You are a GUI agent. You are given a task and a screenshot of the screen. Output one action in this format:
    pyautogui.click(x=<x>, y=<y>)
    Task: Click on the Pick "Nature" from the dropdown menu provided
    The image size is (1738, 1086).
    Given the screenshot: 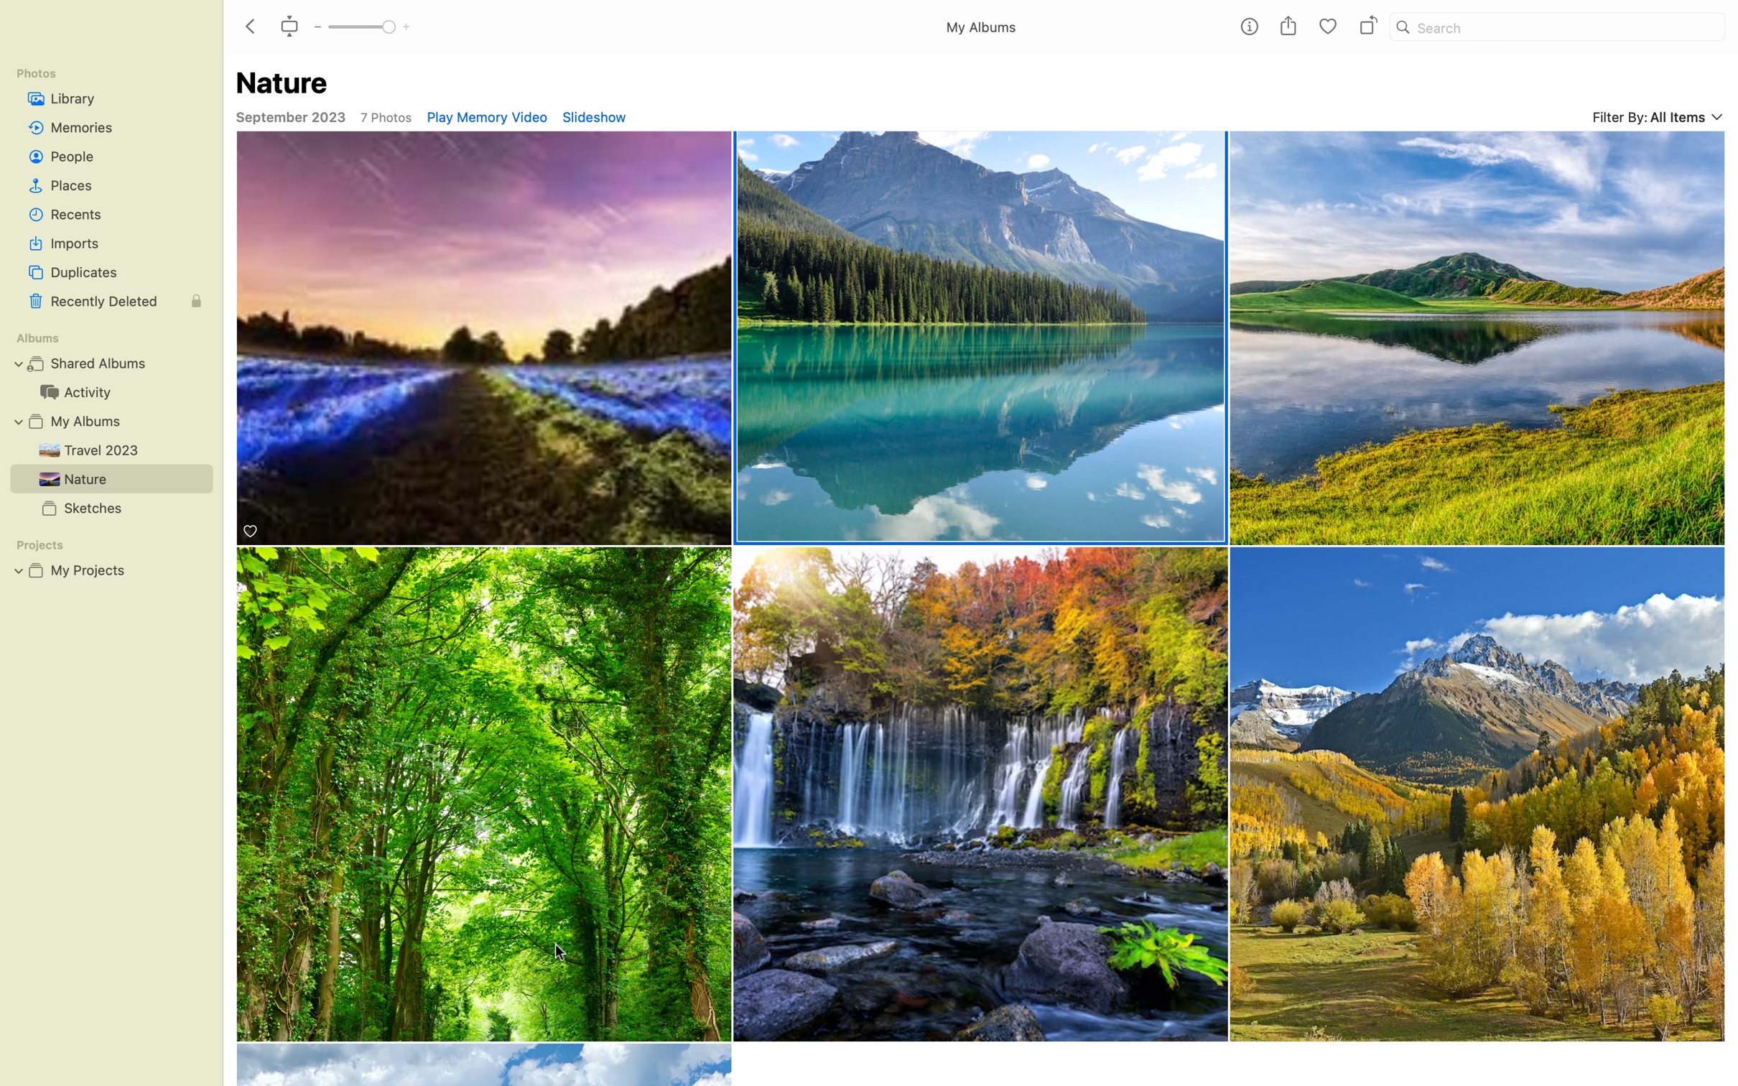 What is the action you would take?
    pyautogui.click(x=982, y=337)
    